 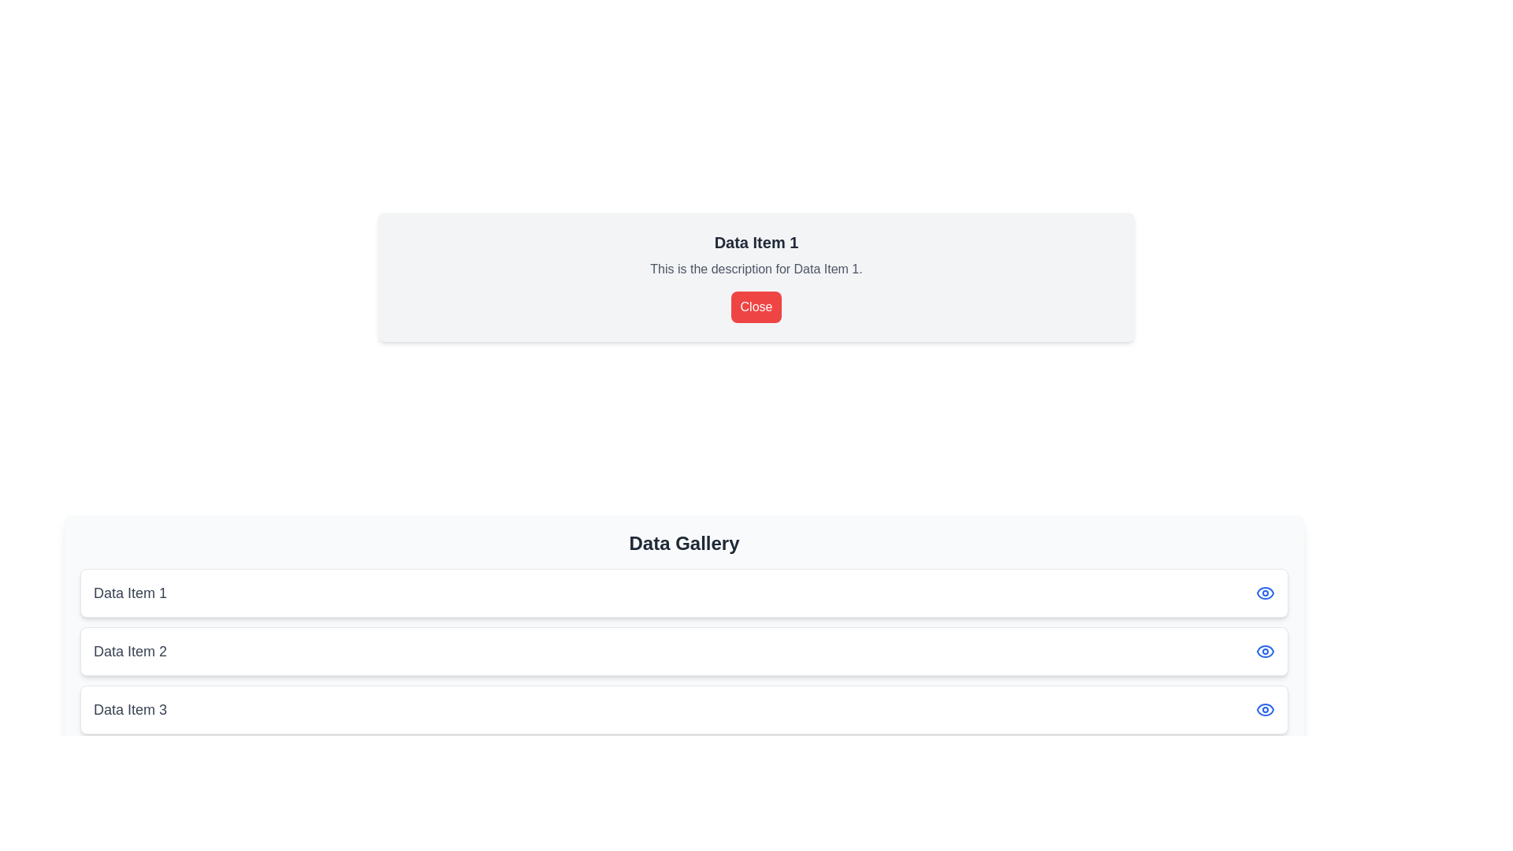 I want to click on the eye icon button styled as a blue outline drawing located on the far-right edge of the row labeled 'Data Item 1' in the 'Data Gallery' section for accessibility actions, so click(x=1266, y=593).